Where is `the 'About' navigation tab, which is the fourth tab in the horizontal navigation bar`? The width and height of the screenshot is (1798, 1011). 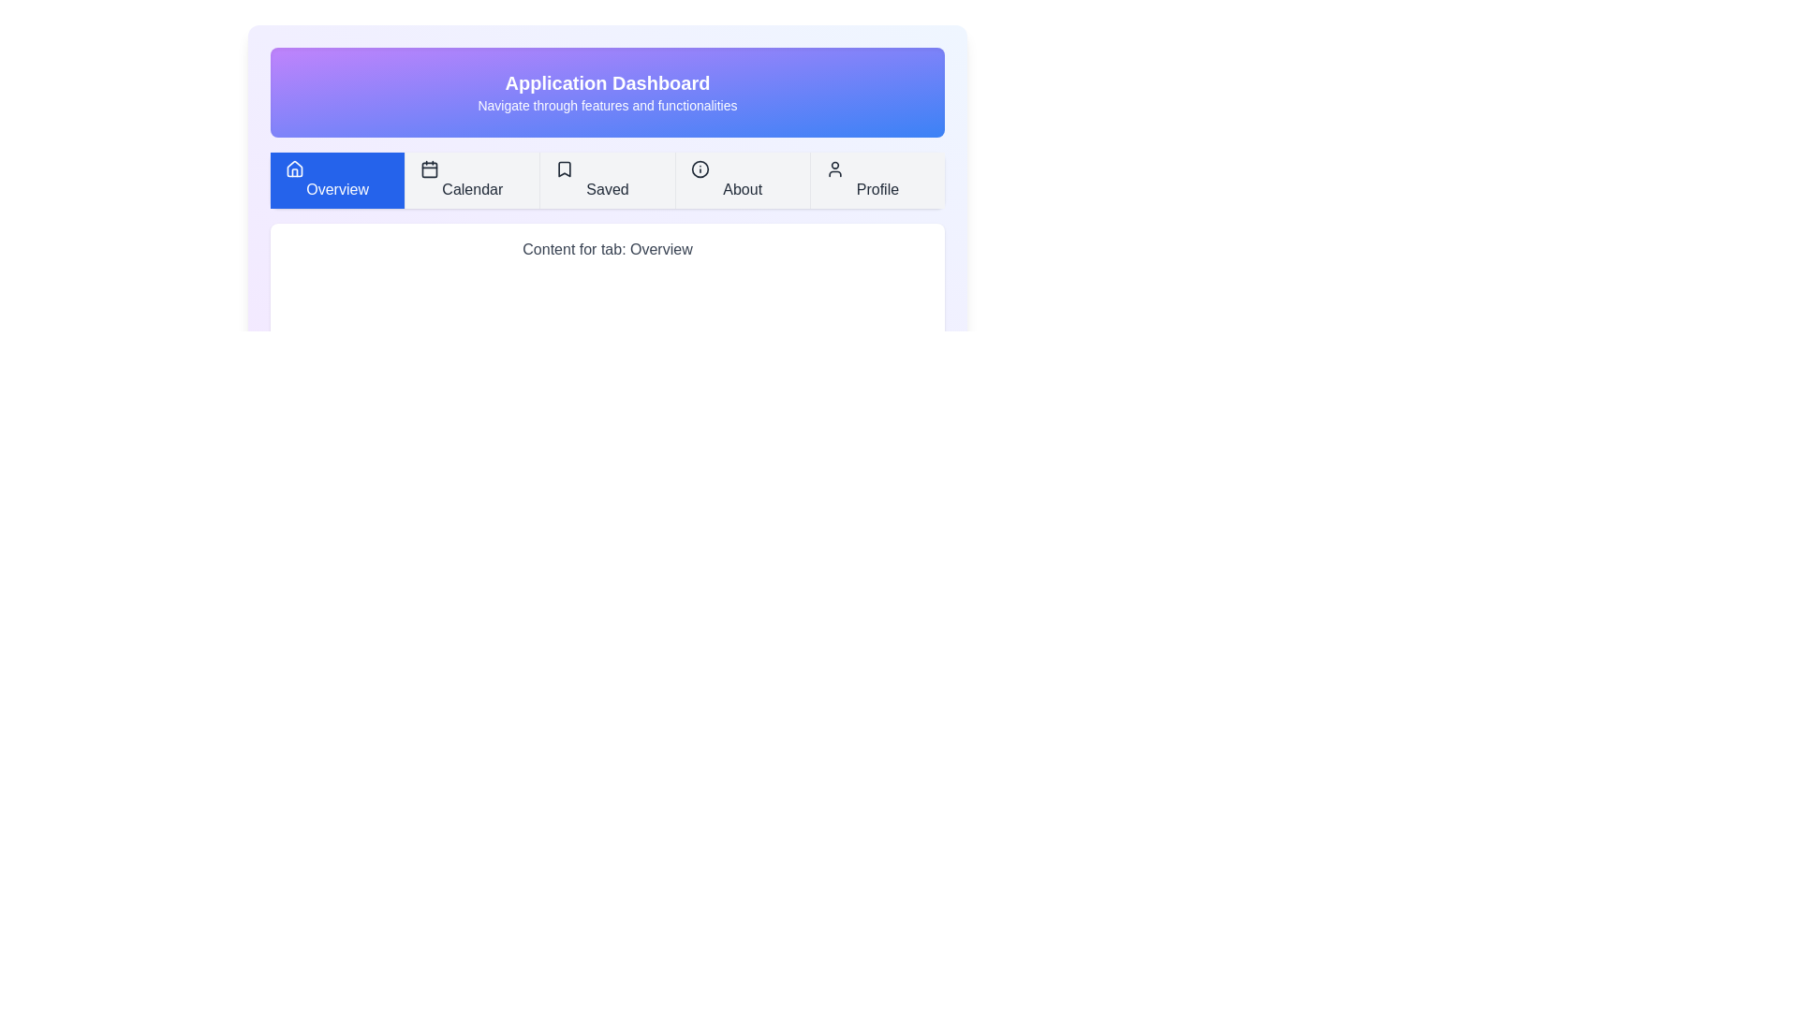
the 'About' navigation tab, which is the fourth tab in the horizontal navigation bar is located at coordinates (741, 180).